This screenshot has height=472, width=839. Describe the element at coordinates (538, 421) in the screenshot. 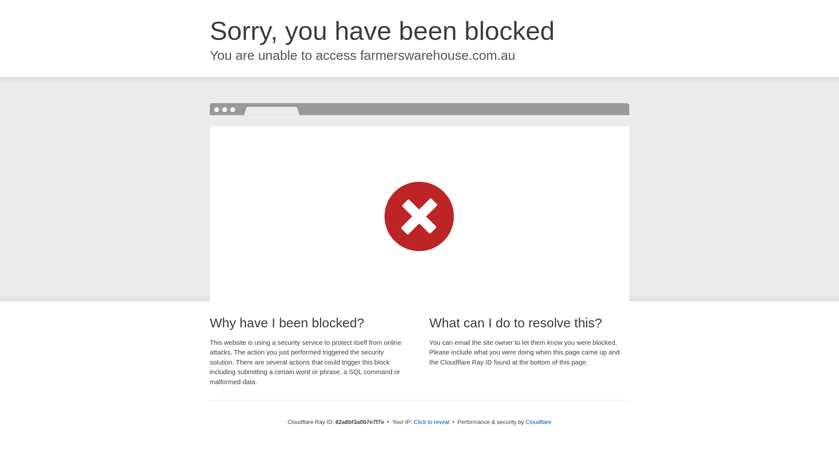

I see `'Cloudflare'` at that location.